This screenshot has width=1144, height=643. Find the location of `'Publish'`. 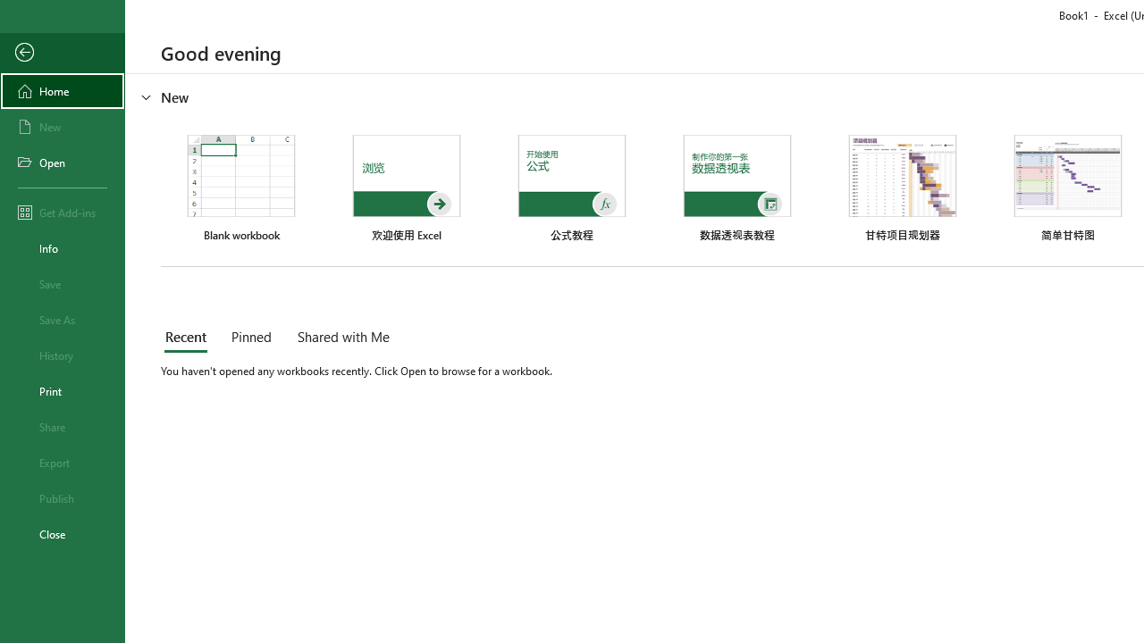

'Publish' is located at coordinates (62, 498).